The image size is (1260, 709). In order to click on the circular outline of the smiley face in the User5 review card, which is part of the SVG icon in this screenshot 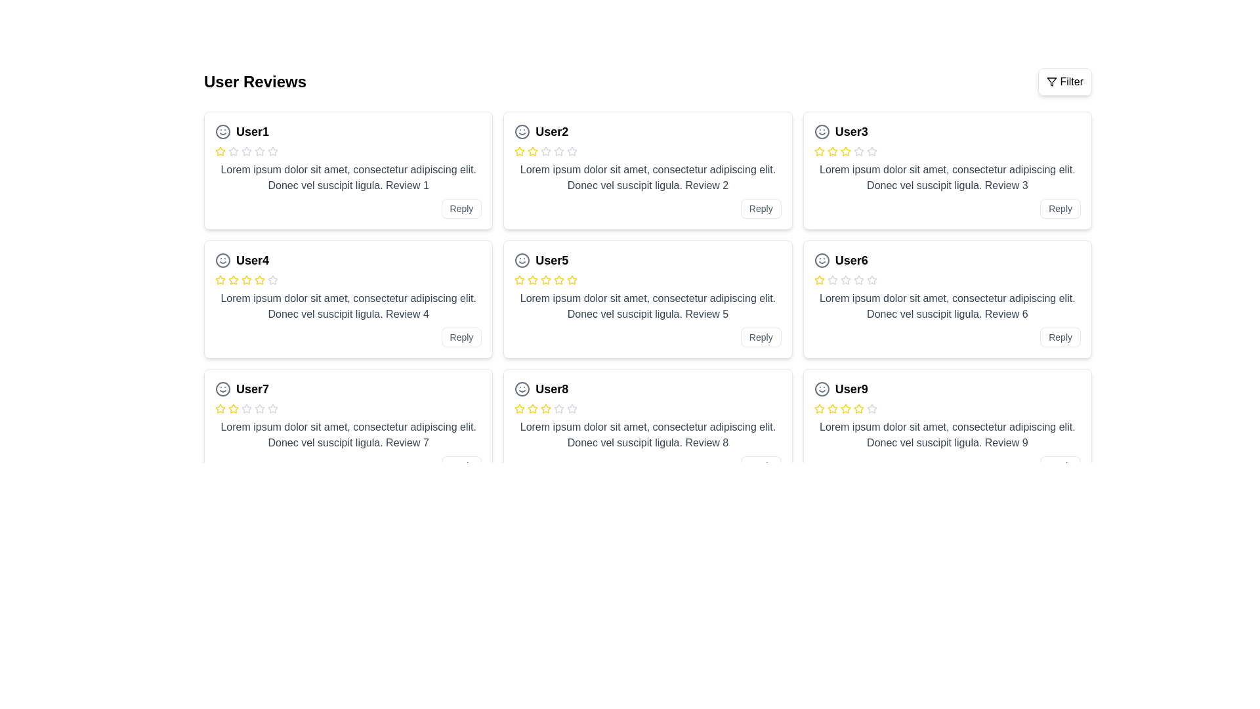, I will do `click(522, 261)`.